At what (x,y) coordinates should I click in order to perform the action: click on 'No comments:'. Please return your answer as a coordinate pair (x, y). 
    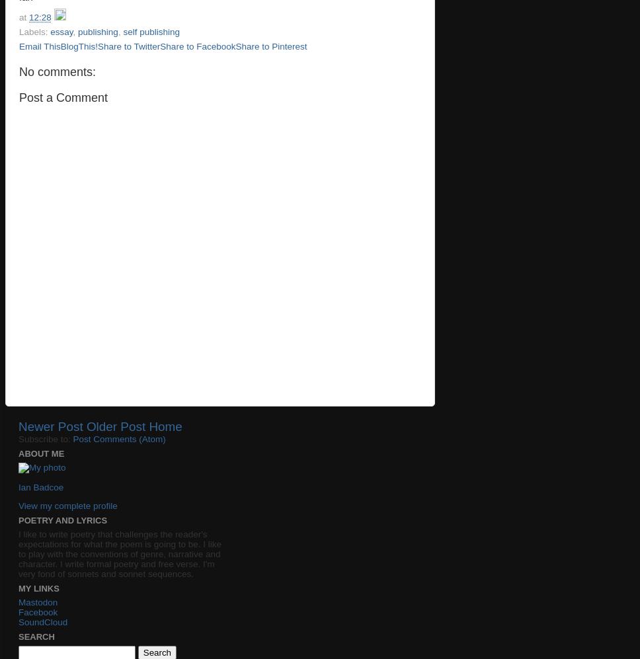
    Looking at the image, I should click on (58, 71).